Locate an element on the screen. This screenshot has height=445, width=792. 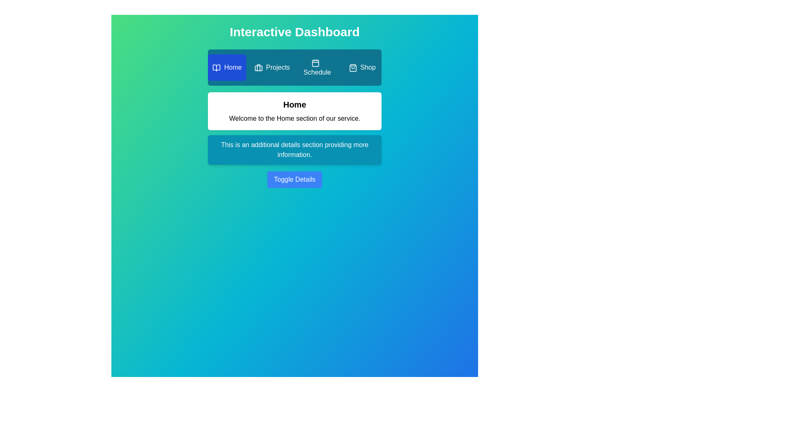
the icon of the Shop tab to observe its context is located at coordinates (353, 67).